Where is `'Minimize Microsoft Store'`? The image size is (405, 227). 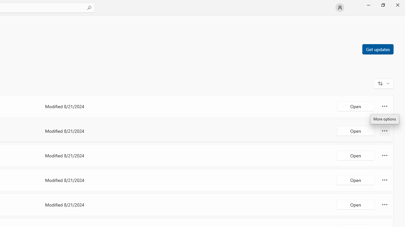 'Minimize Microsoft Store' is located at coordinates (368, 5).